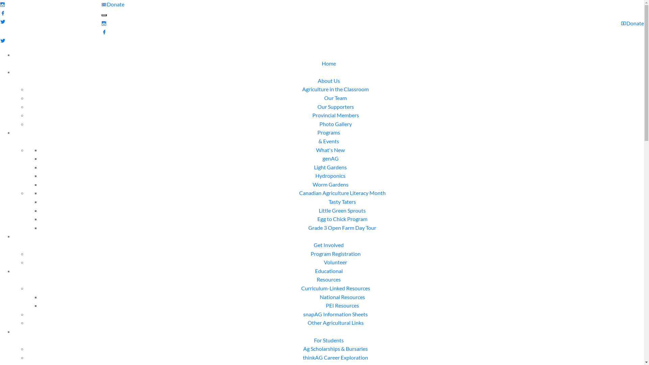 Image resolution: width=649 pixels, height=365 pixels. I want to click on 'National Resources', so click(342, 296).